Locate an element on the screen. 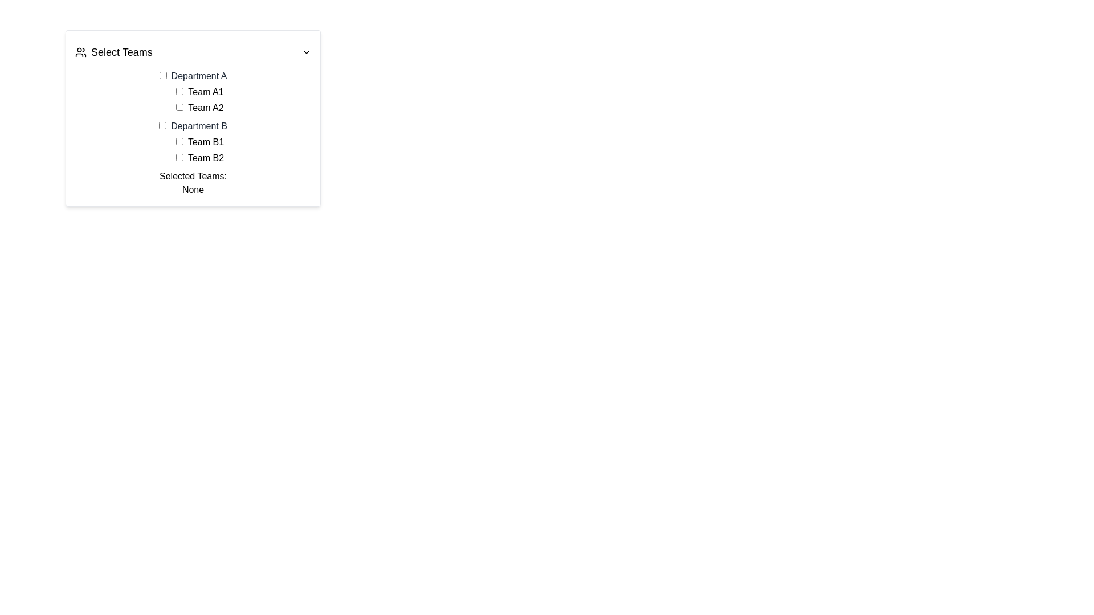 The width and height of the screenshot is (1094, 615). the first checkbox for 'Team B2' located in the lower half of the interface under 'Department B' is located at coordinates (179, 157).